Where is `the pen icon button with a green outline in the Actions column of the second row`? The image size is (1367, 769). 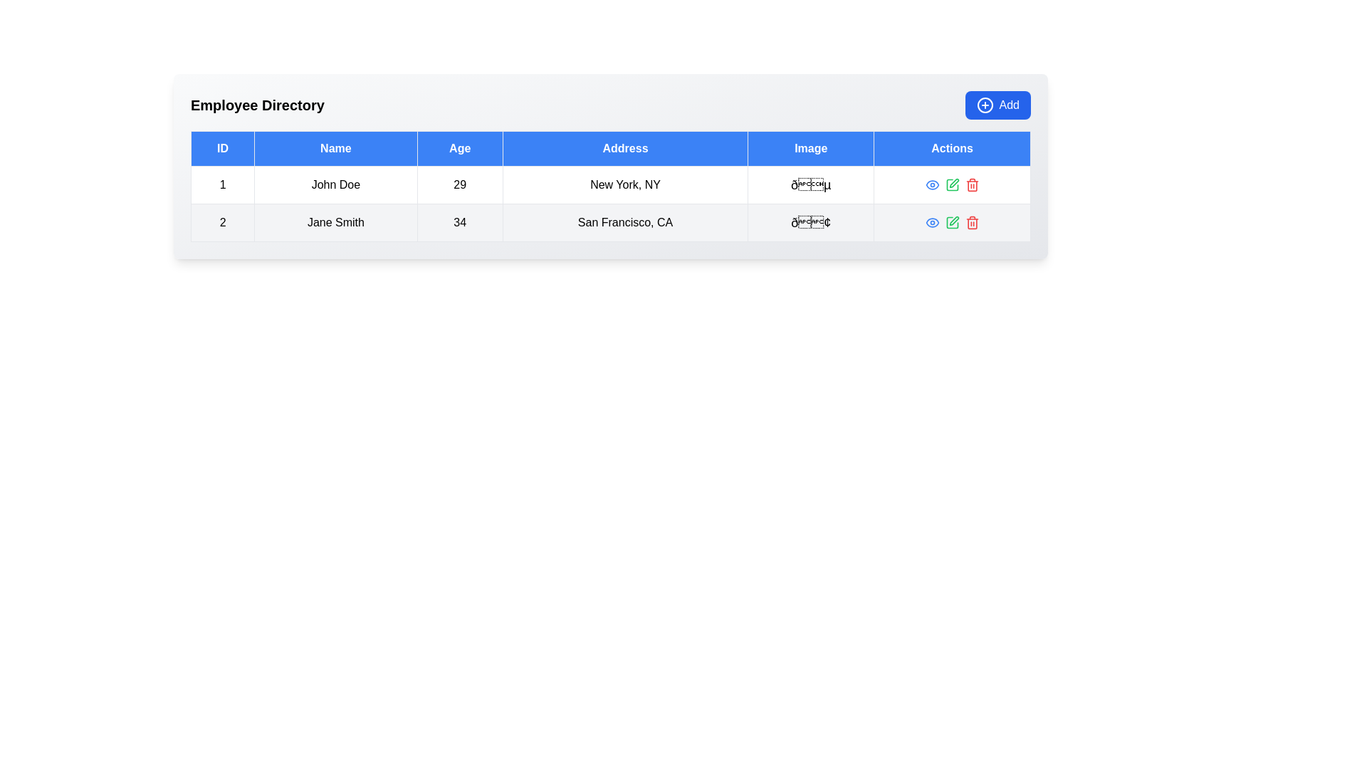
the pen icon button with a green outline in the Actions column of the second row is located at coordinates (952, 184).